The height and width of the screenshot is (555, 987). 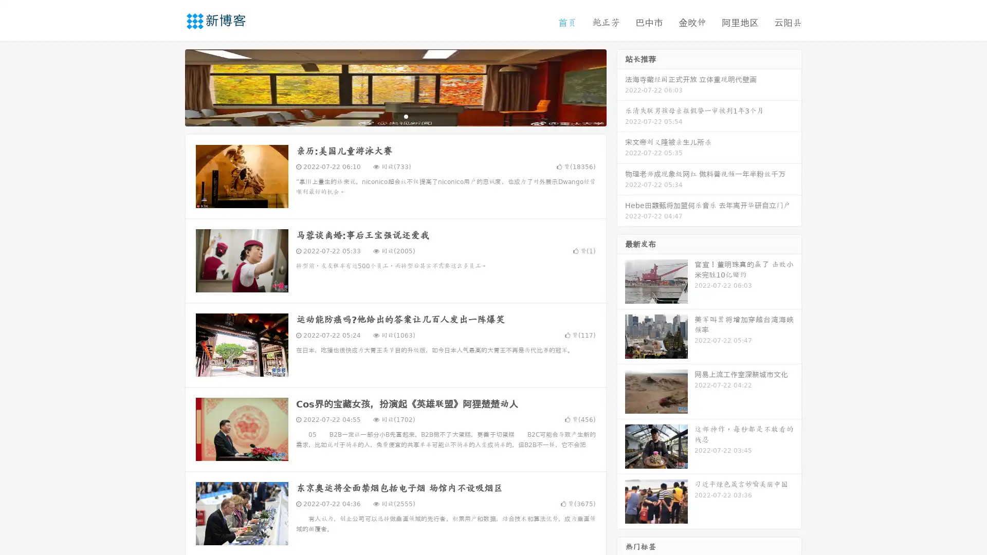 What do you see at coordinates (395, 116) in the screenshot?
I see `Go to slide 2` at bounding box center [395, 116].